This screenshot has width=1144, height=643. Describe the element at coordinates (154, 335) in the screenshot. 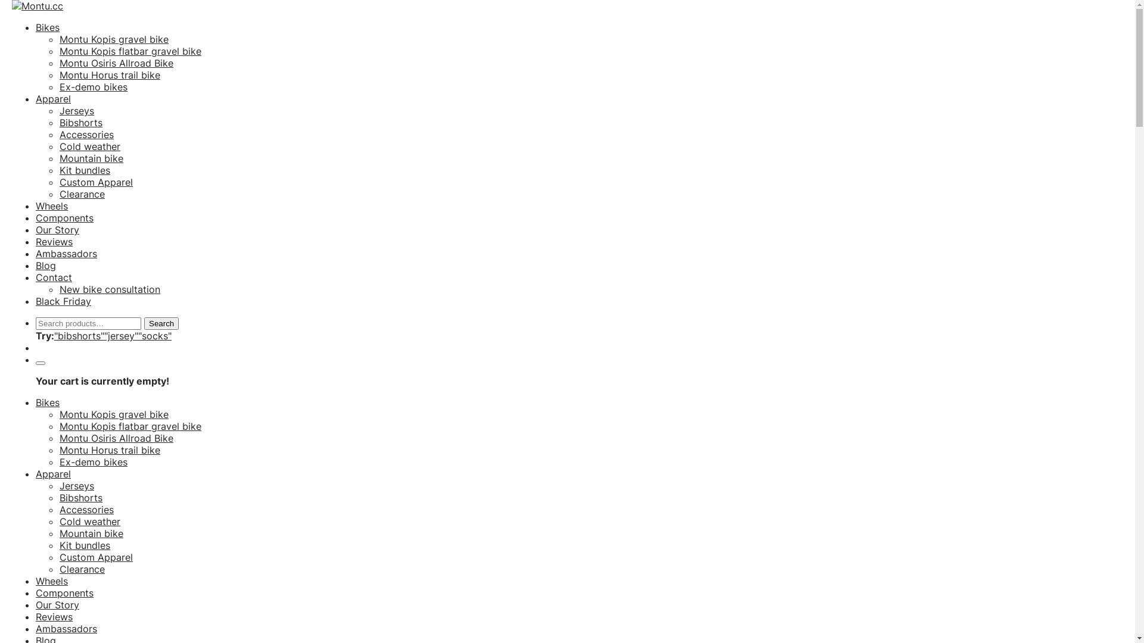

I see `'"socks"'` at that location.